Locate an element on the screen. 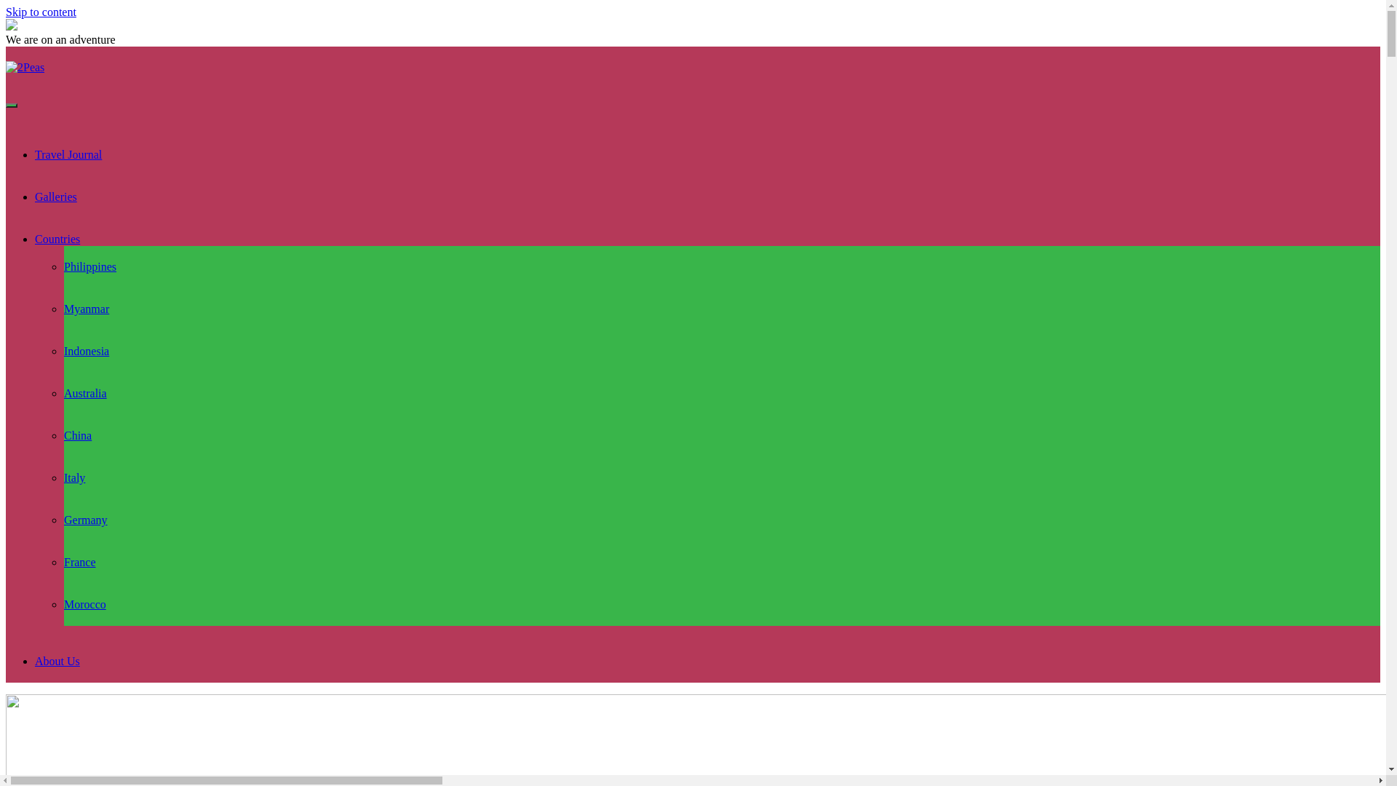 This screenshot has width=1397, height=786. 'Galleries' is located at coordinates (55, 196).